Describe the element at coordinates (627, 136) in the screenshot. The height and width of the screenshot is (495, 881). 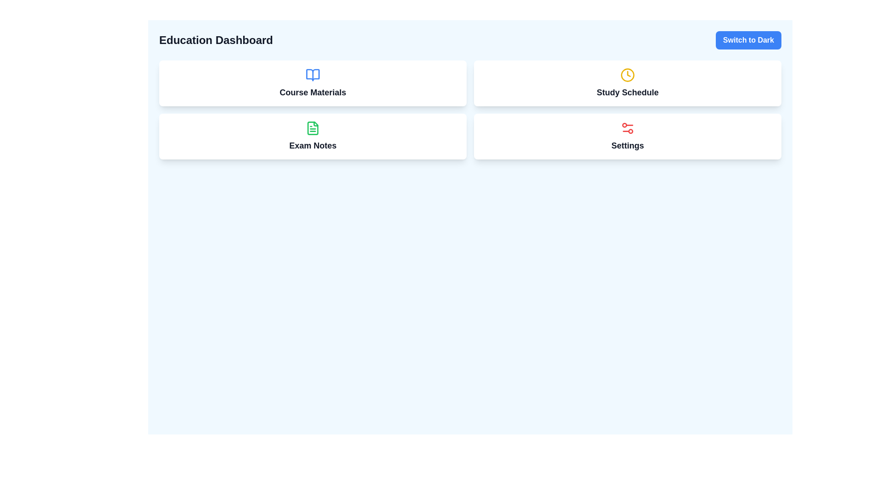
I see `the Card-like navigation button located in the second row, second column of a 2x2 grid layout` at that location.